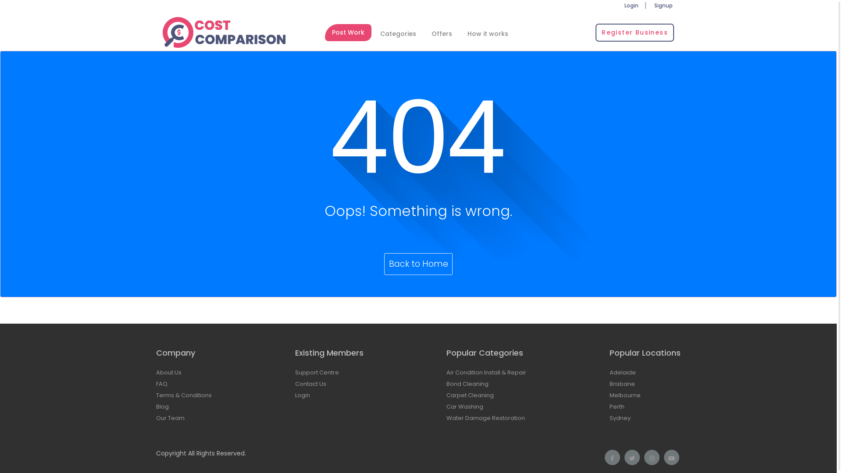 The width and height of the screenshot is (842, 473). What do you see at coordinates (347, 32) in the screenshot?
I see `'Post Work'` at bounding box center [347, 32].